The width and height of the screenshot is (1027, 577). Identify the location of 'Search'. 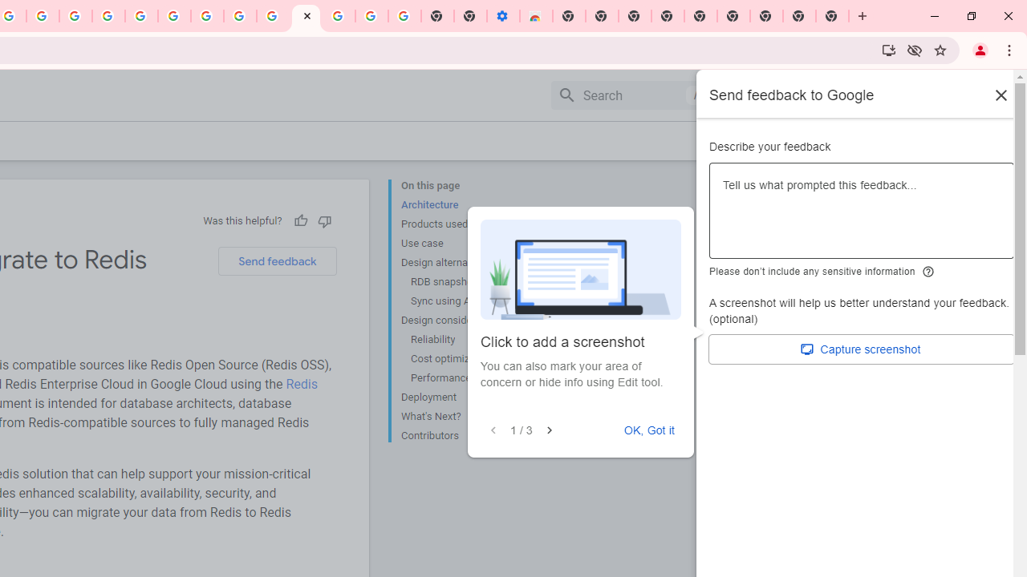
(630, 95).